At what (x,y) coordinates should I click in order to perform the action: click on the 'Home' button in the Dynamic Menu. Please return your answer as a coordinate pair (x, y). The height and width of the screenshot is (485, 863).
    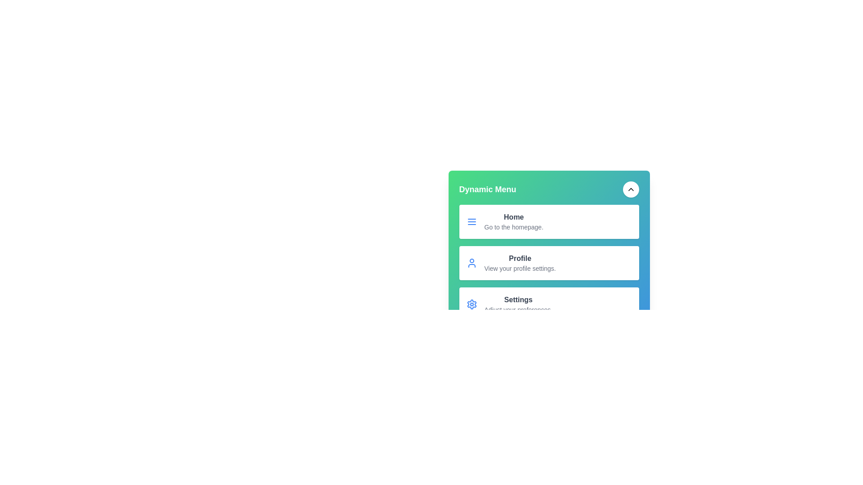
    Looking at the image, I should click on (548, 221).